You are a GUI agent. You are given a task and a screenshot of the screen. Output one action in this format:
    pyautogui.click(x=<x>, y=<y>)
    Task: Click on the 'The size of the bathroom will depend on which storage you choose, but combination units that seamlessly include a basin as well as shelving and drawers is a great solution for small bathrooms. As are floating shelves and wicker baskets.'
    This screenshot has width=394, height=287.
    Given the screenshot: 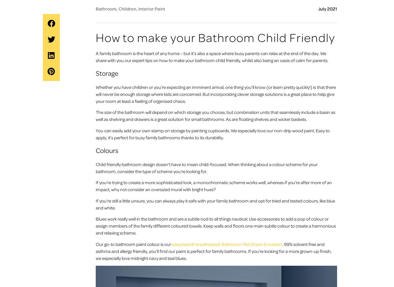 What is the action you would take?
    pyautogui.click(x=95, y=115)
    